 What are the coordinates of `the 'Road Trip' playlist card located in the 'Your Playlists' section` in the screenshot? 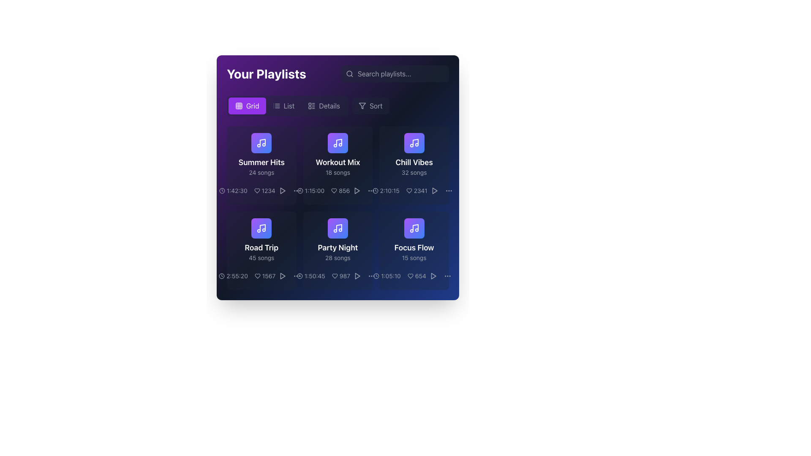 It's located at (261, 240).